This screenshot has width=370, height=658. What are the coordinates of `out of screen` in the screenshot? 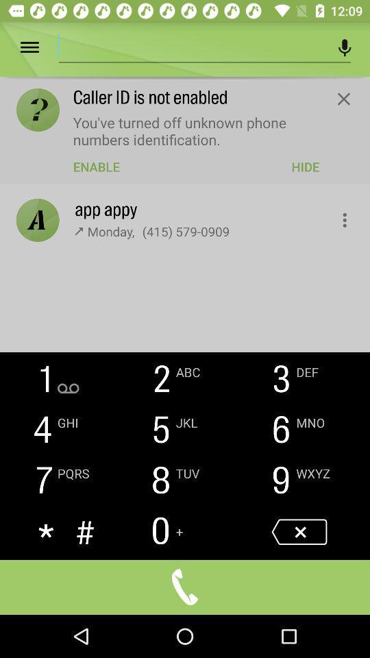 It's located at (343, 98).